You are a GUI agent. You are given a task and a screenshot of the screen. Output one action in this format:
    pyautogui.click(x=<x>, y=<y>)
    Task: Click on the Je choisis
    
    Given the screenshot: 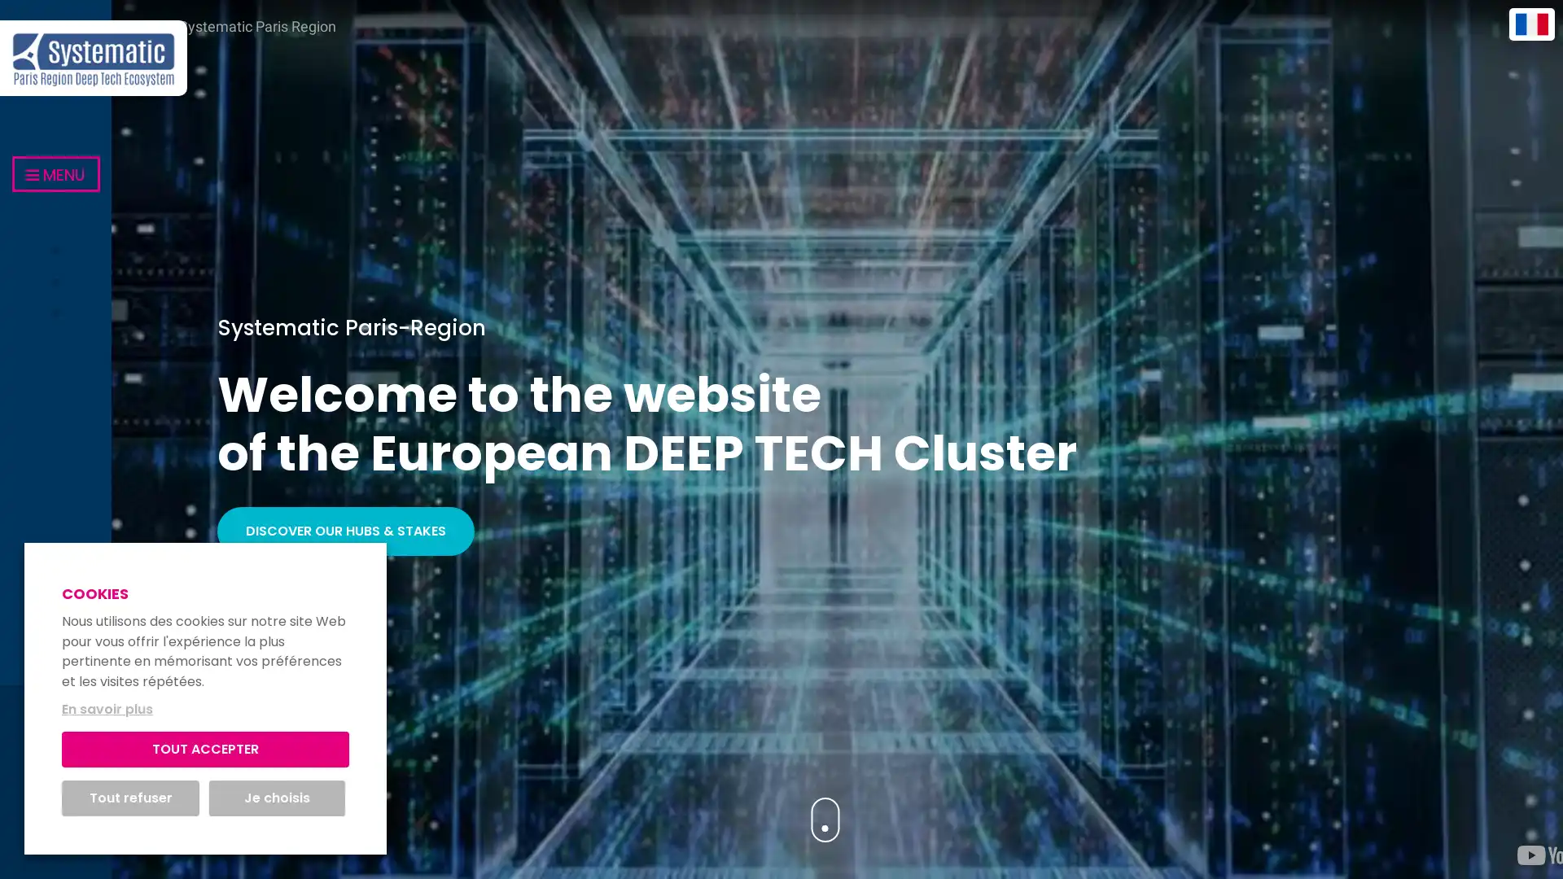 What is the action you would take?
    pyautogui.click(x=277, y=797)
    